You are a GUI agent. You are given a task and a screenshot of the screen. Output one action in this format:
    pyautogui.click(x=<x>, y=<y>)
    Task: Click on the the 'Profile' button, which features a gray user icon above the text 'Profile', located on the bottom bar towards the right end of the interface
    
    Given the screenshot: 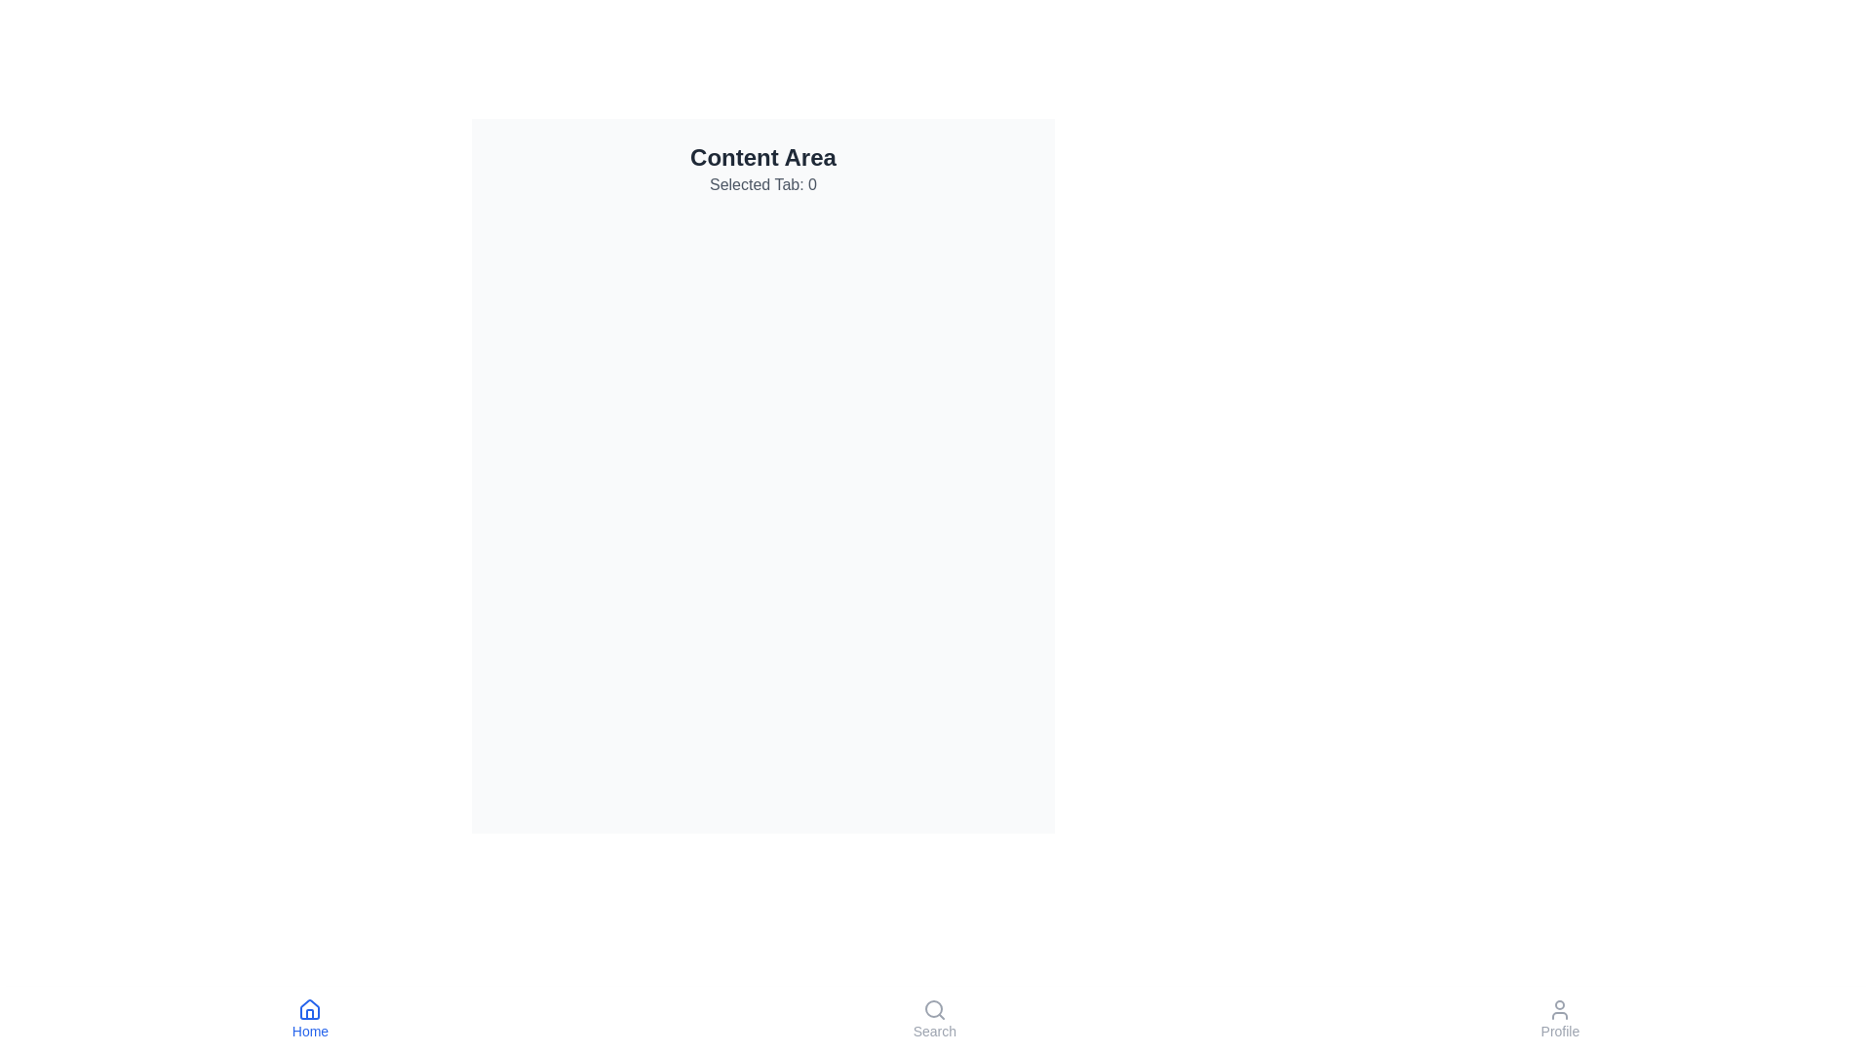 What is the action you would take?
    pyautogui.click(x=1558, y=1018)
    